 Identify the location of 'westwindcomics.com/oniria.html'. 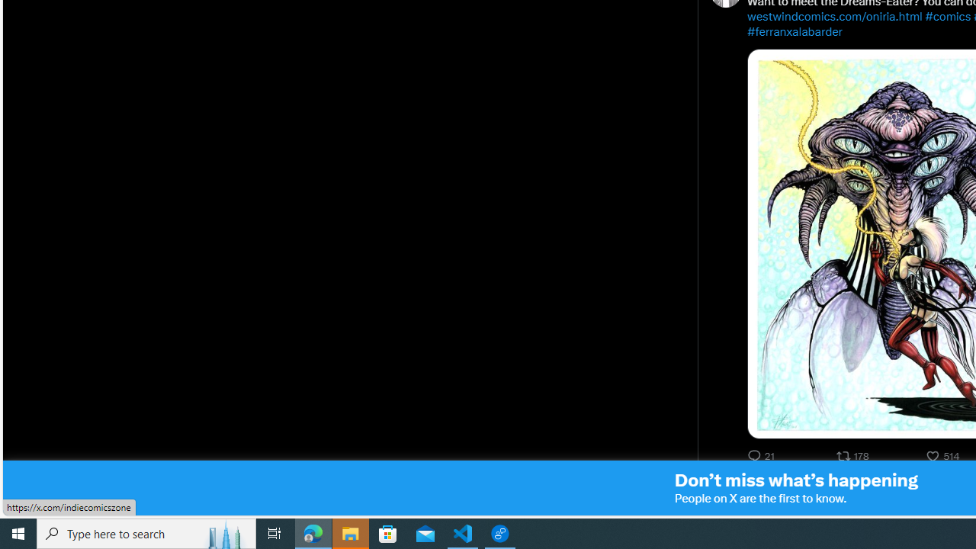
(834, 17).